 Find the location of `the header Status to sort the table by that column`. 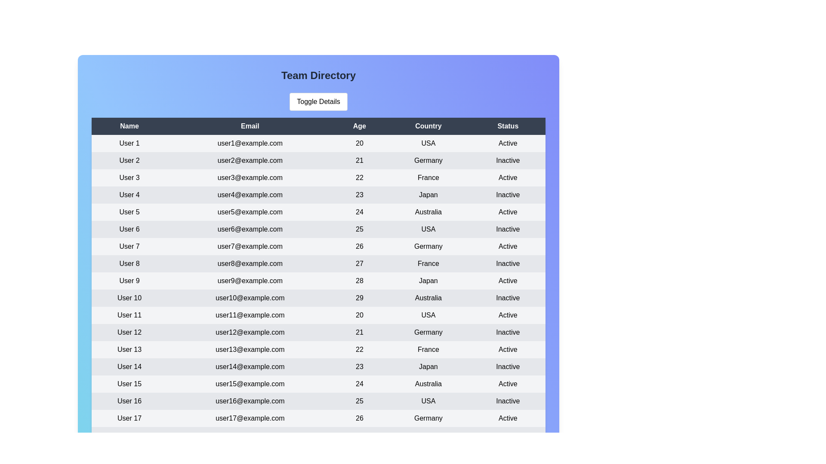

the header Status to sort the table by that column is located at coordinates (508, 126).